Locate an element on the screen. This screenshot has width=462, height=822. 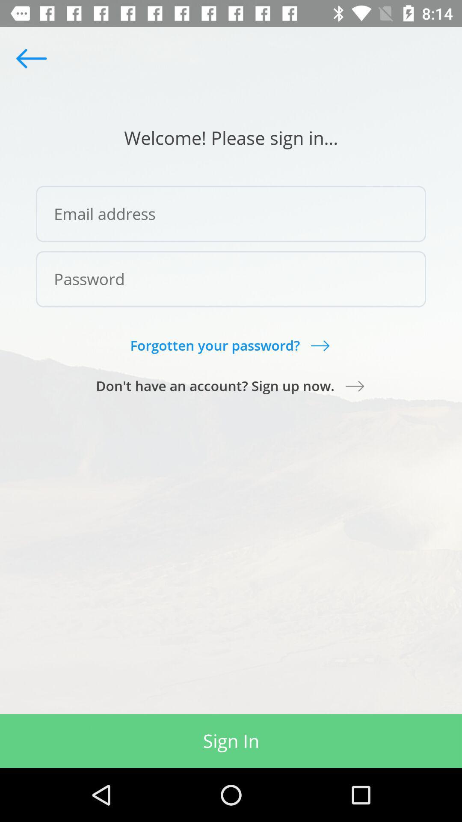
email address is located at coordinates (231, 214).